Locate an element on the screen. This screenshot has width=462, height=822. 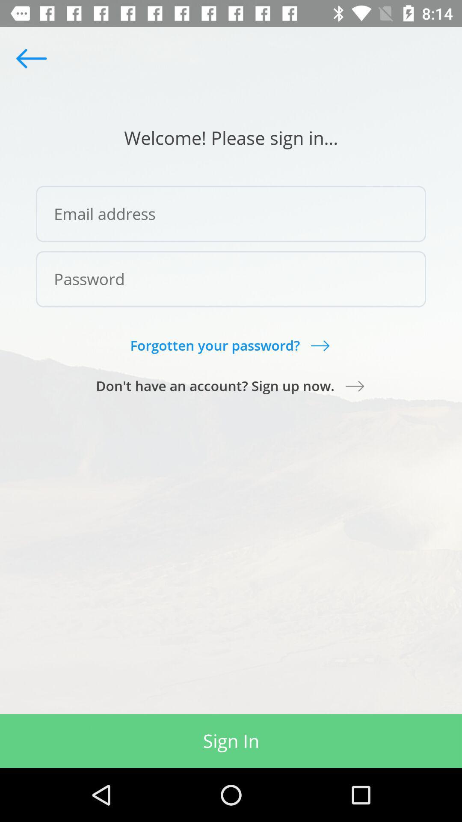
email address is located at coordinates (231, 214).